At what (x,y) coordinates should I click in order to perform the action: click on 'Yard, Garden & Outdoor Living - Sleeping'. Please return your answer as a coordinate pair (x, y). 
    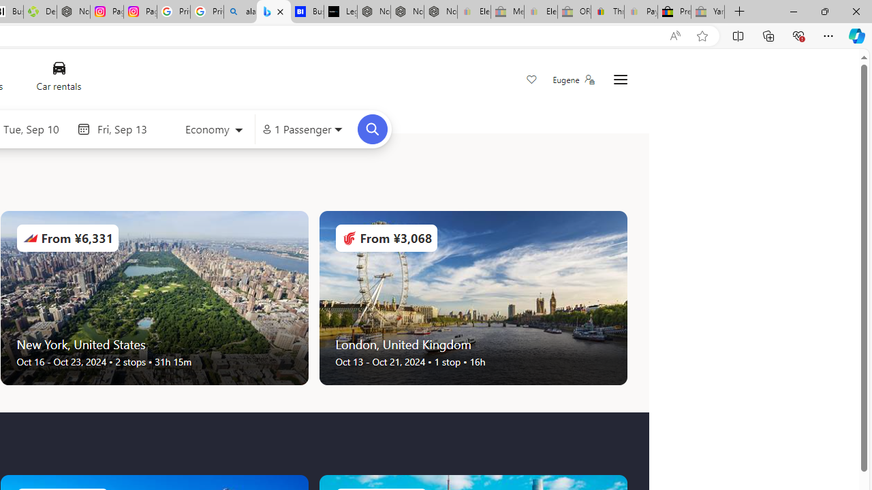
    Looking at the image, I should click on (708, 12).